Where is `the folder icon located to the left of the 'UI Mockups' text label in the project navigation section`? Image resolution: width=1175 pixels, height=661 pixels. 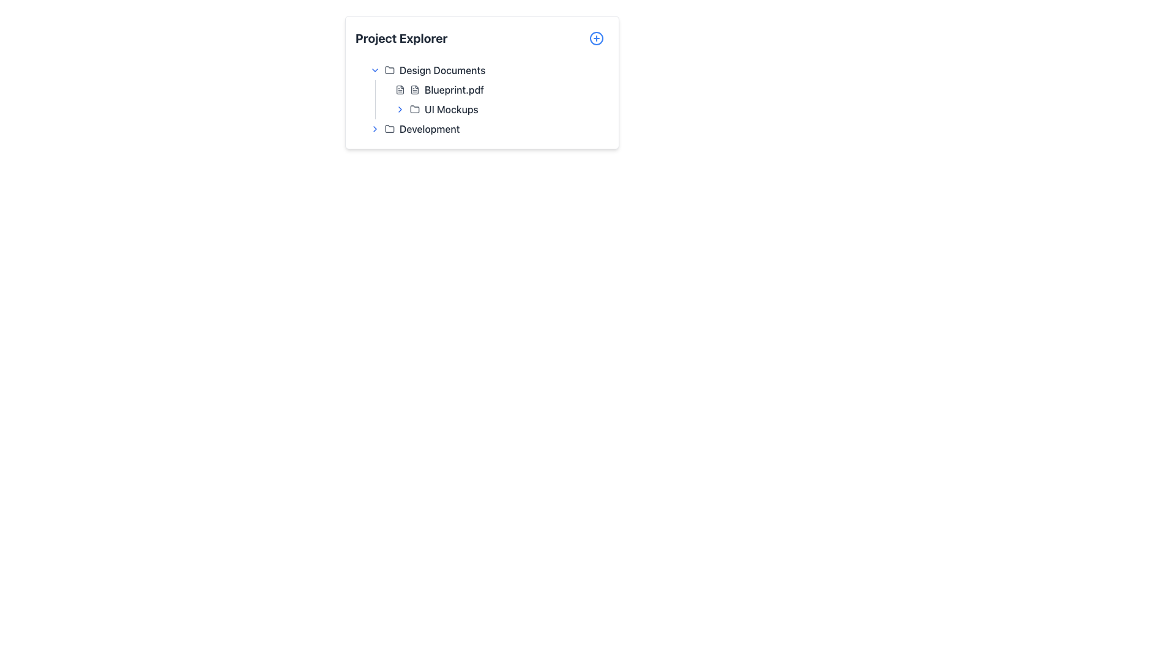 the folder icon located to the left of the 'UI Mockups' text label in the project navigation section is located at coordinates (414, 108).